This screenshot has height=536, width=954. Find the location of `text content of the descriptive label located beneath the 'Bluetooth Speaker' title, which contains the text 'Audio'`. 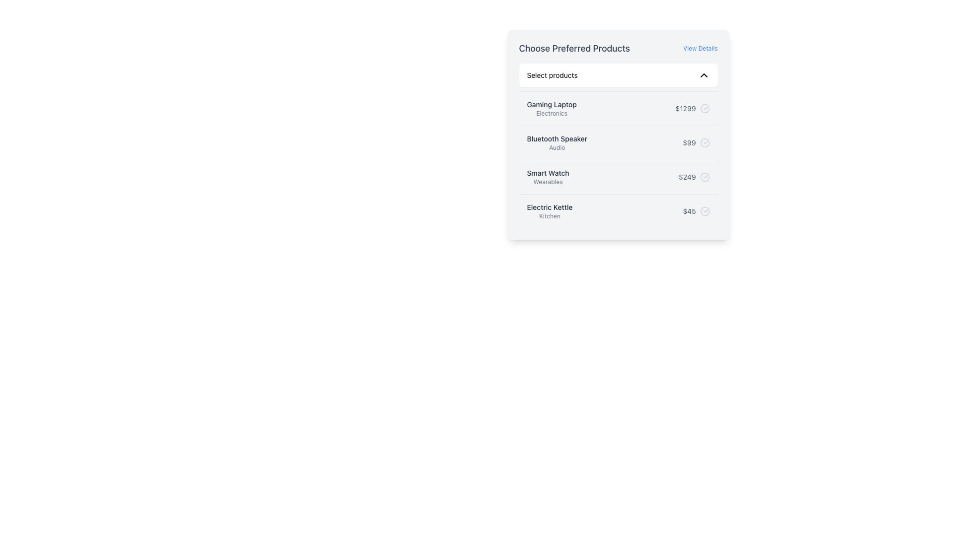

text content of the descriptive label located beneath the 'Bluetooth Speaker' title, which contains the text 'Audio' is located at coordinates (557, 147).